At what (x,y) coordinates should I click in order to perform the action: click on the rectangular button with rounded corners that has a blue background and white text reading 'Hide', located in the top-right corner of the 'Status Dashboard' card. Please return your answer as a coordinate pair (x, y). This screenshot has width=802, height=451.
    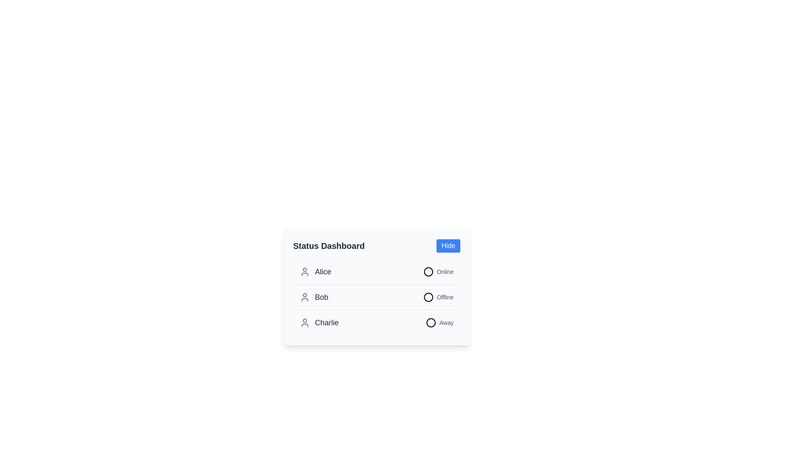
    Looking at the image, I should click on (448, 246).